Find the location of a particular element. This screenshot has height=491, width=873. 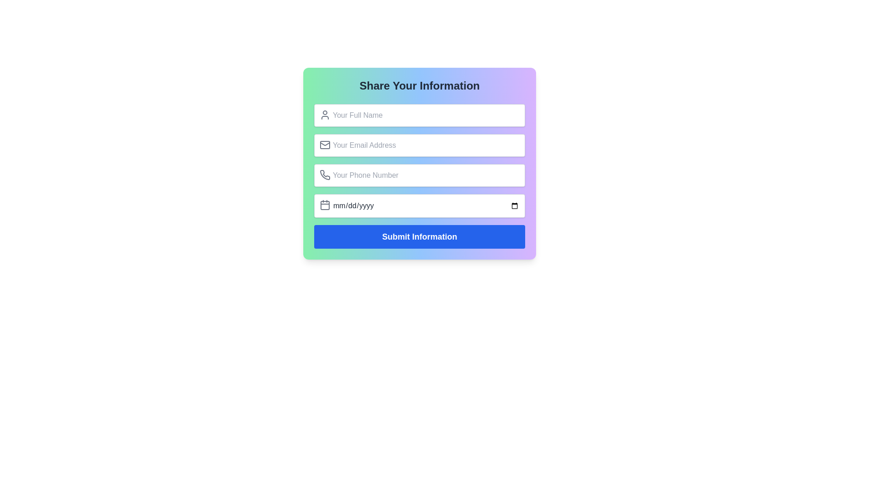

the icon inside the SVG element that suggests the purpose of the 'Your Phone Number' input field is located at coordinates (325, 175).